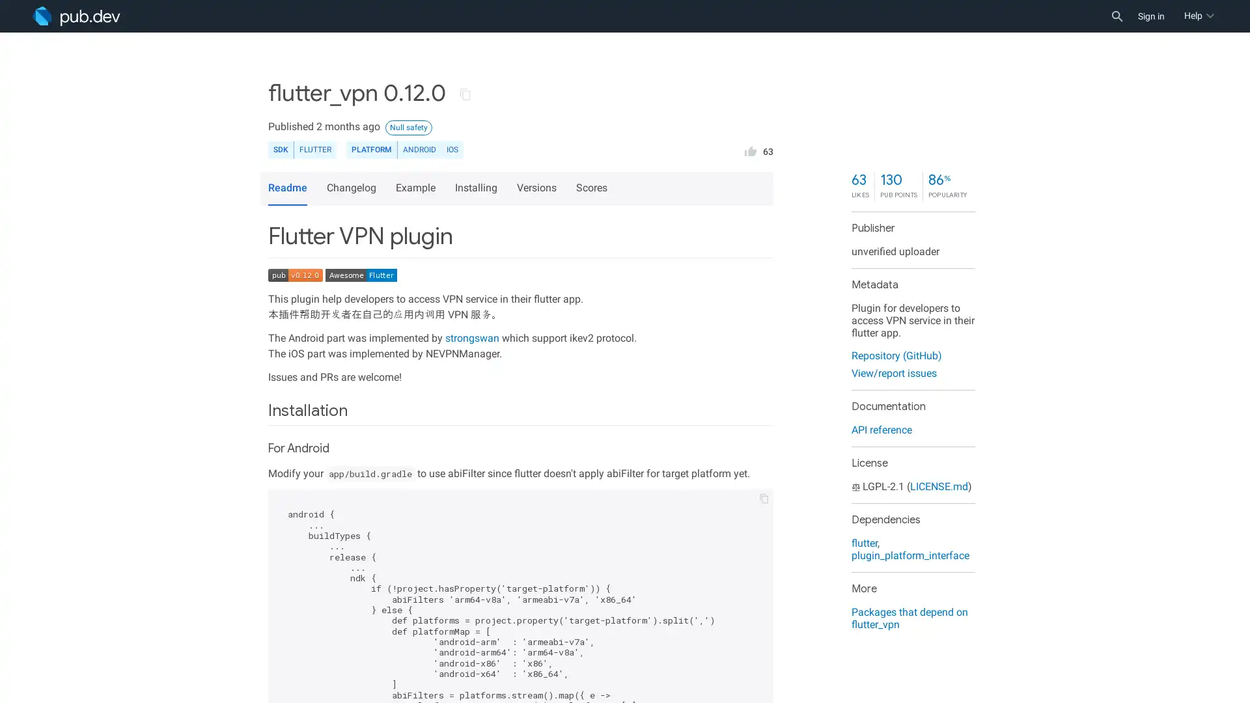  I want to click on Like this package, so click(750, 149).